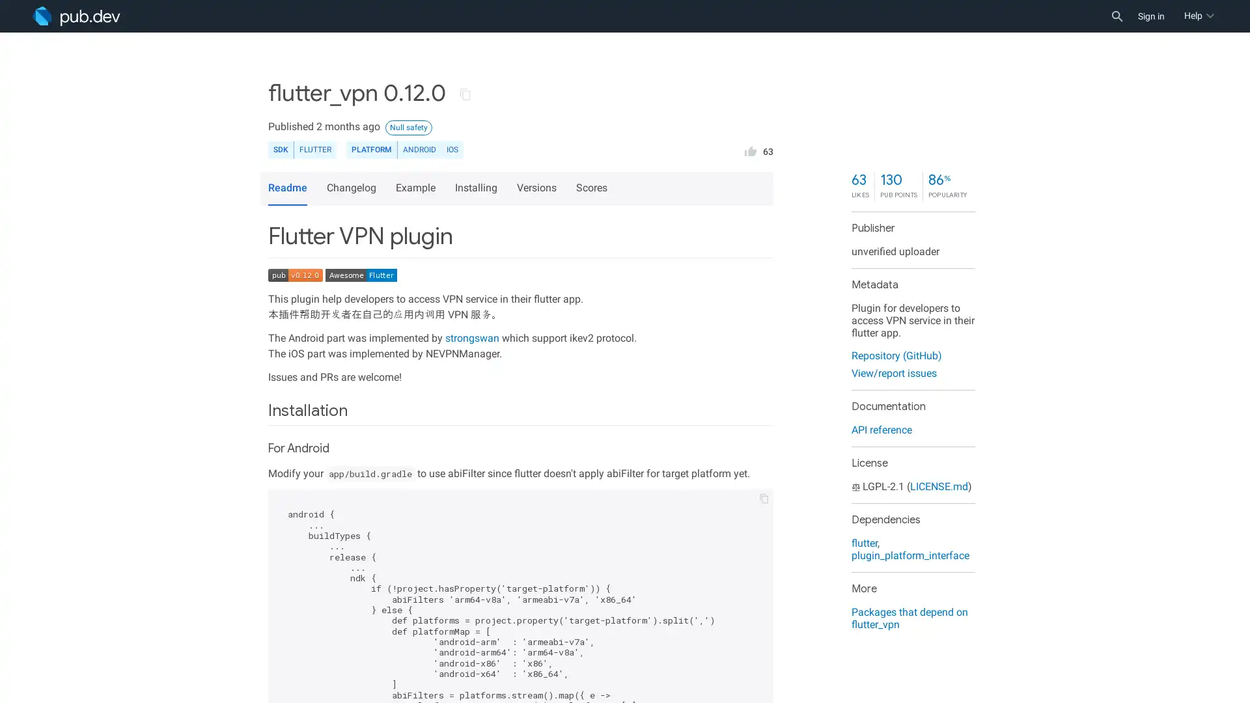  I want to click on Like this package, so click(750, 149).